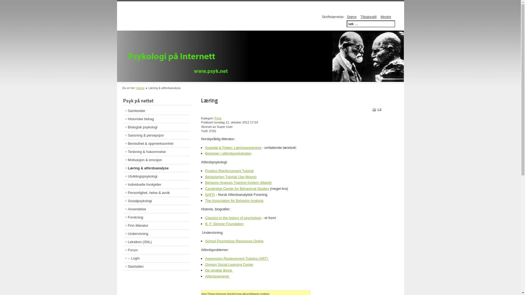 Image resolution: width=525 pixels, height=295 pixels. What do you see at coordinates (123, 152) in the screenshot?
I see `'Tenkning & hukommelse'` at bounding box center [123, 152].